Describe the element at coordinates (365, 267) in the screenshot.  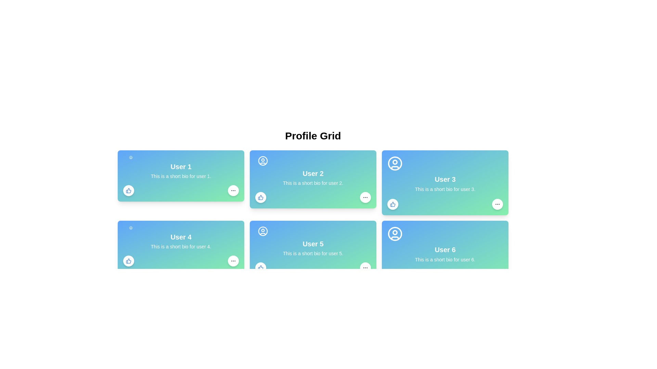
I see `the button that opens additional options for the 'User 5' profile` at that location.